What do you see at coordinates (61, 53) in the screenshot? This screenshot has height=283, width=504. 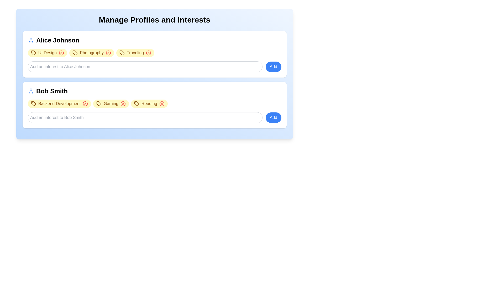 I see `the button to the right of the 'UI Design' interest tag` at bounding box center [61, 53].